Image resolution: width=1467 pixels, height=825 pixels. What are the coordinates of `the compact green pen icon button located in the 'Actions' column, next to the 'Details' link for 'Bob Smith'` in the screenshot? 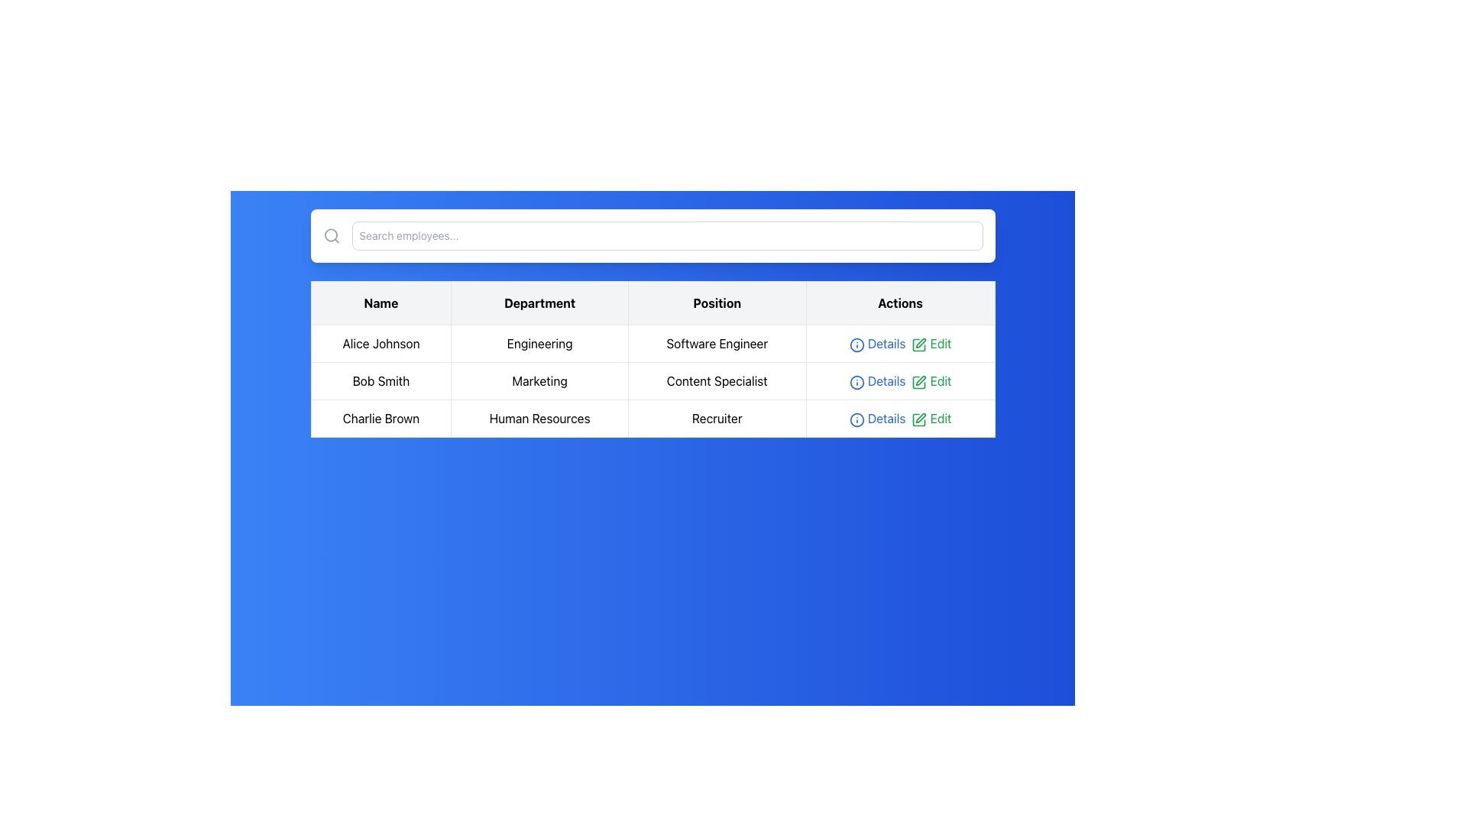 It's located at (920, 380).